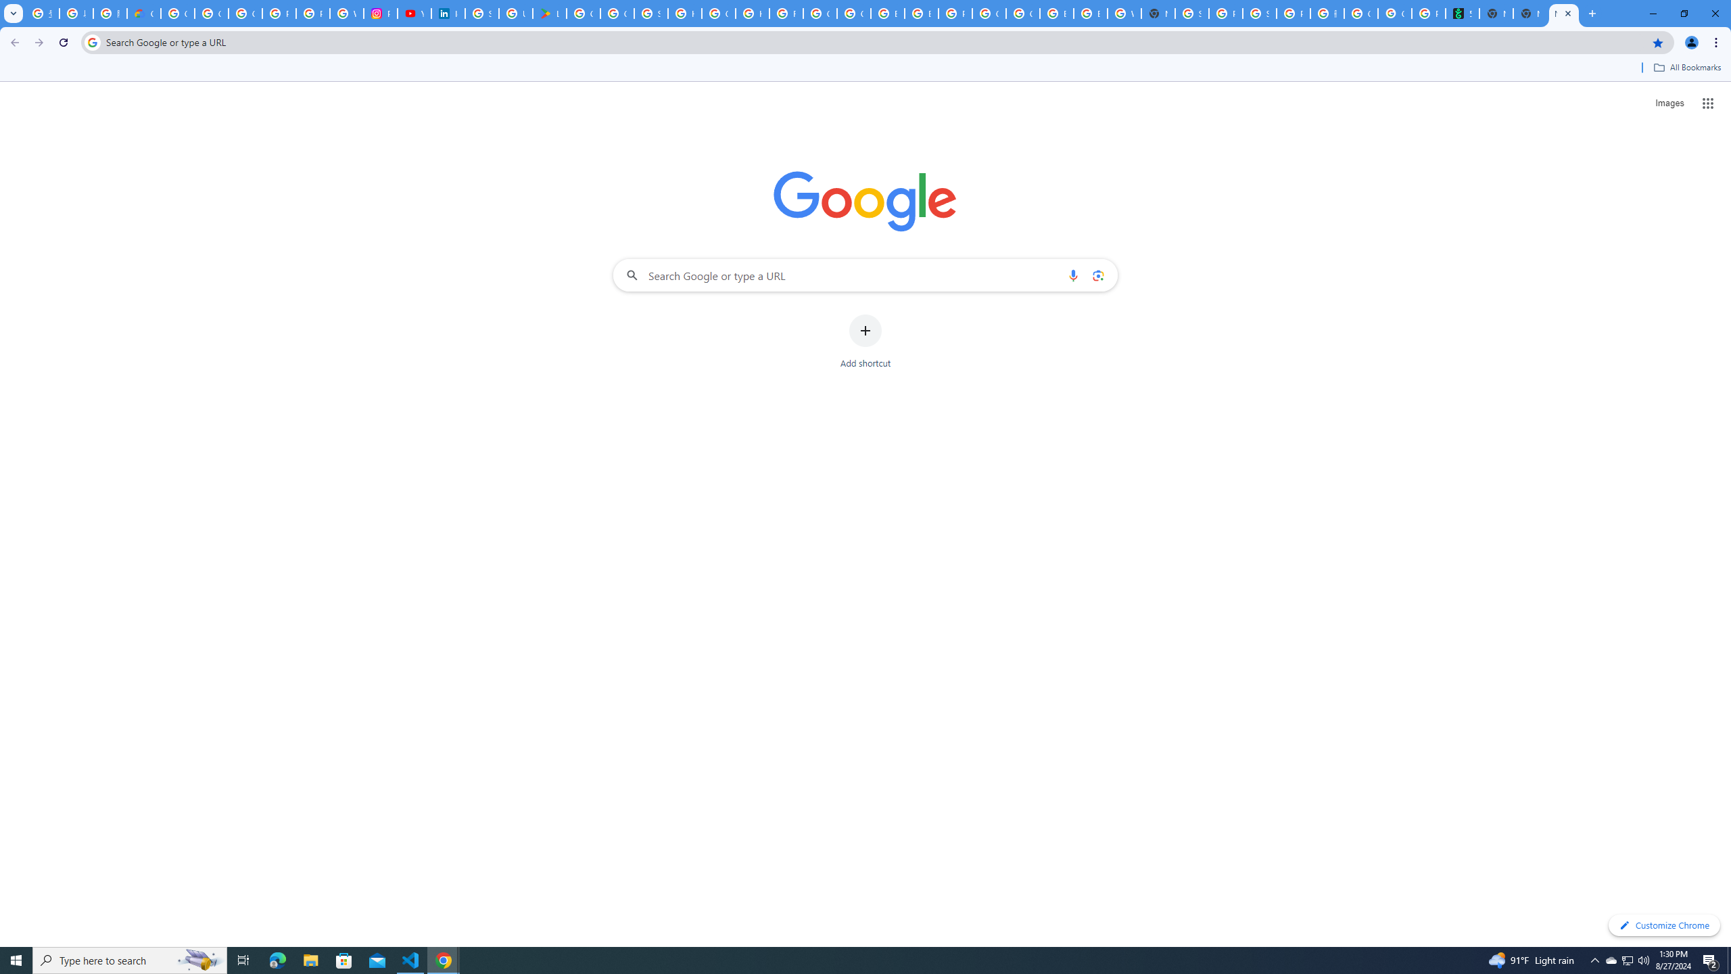  Describe the element at coordinates (989, 13) in the screenshot. I see `'Google Cloud Platform'` at that location.